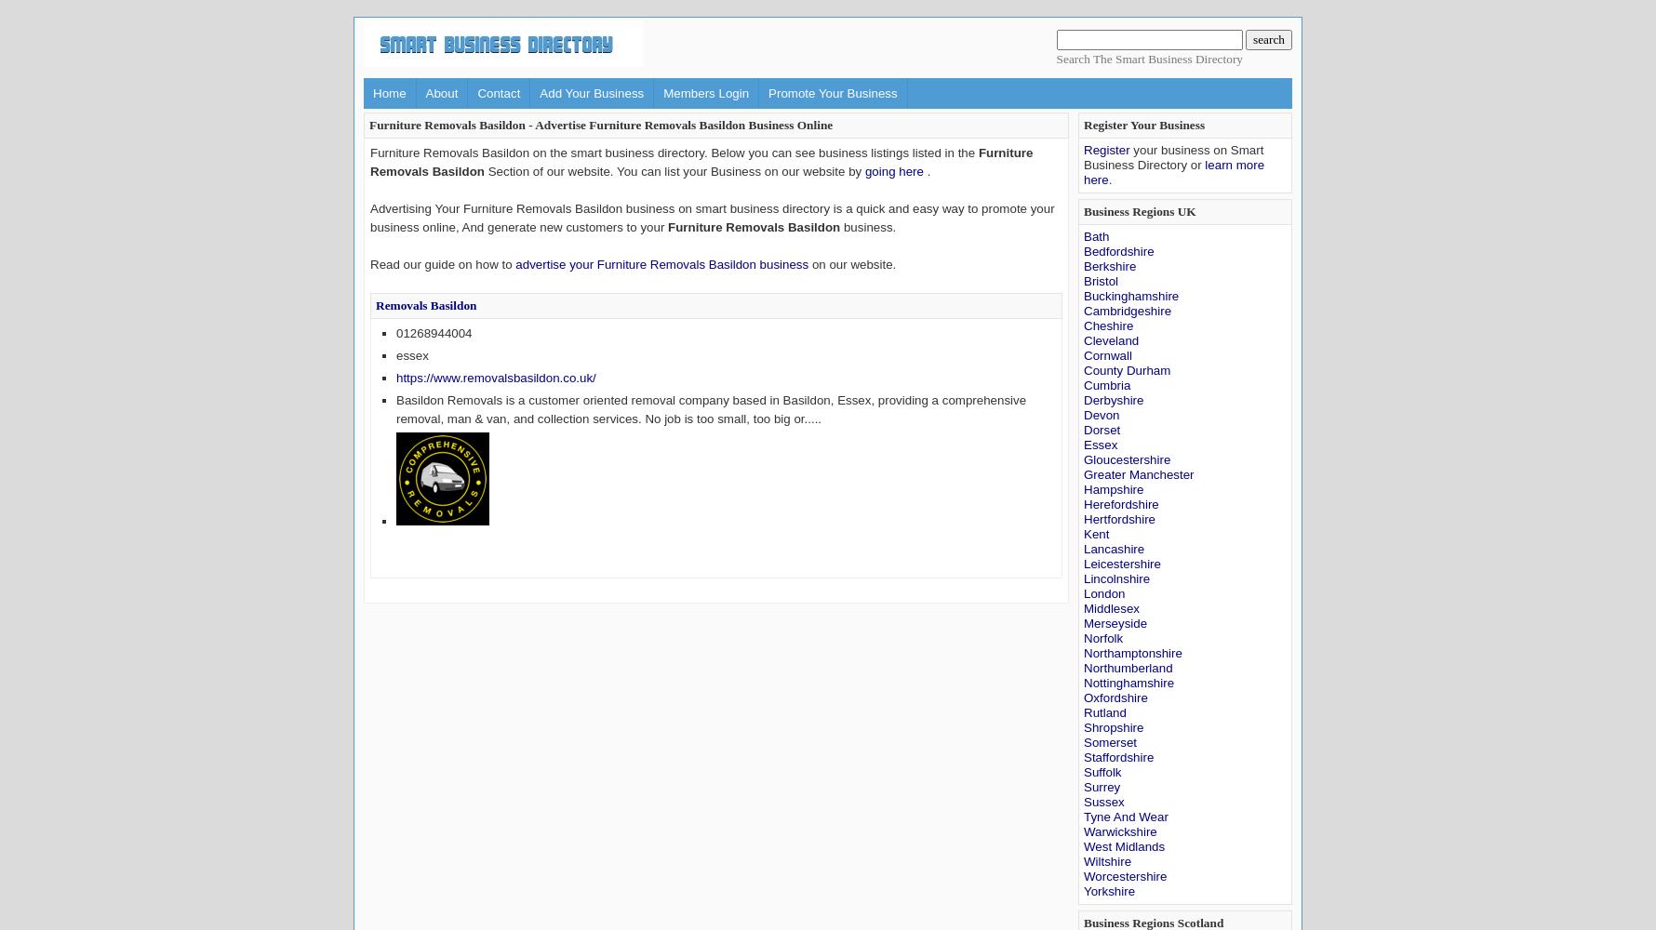  I want to click on 'Wiltshire', so click(1083, 861).